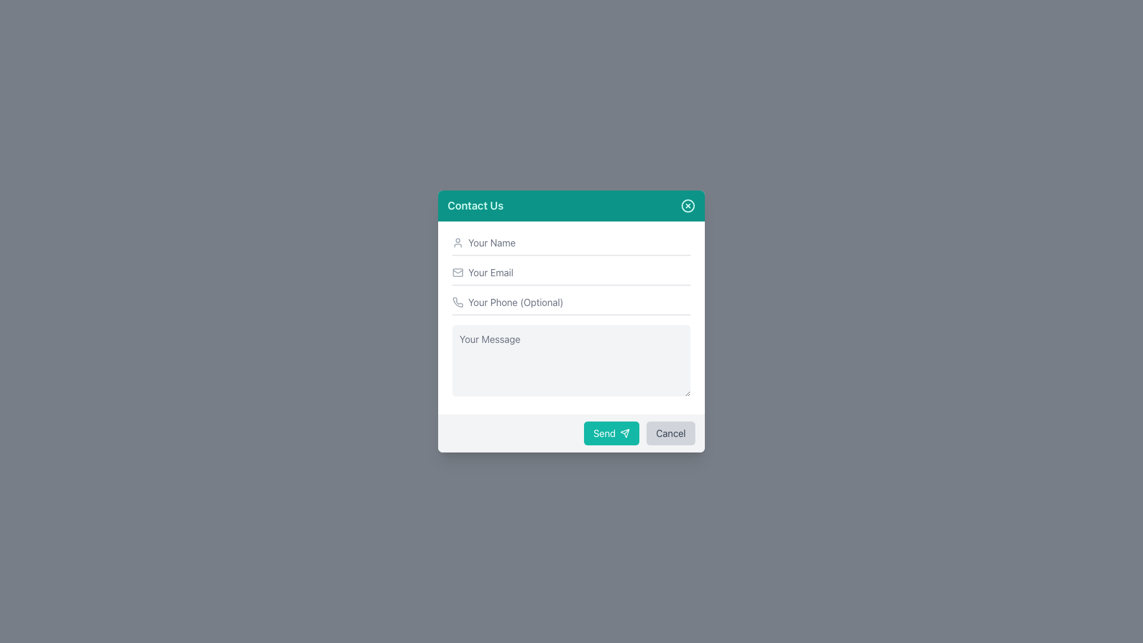  I want to click on the user icon resembling a profile image outline, styled in light gray, which is positioned to the left of the input field labeled 'Your Name', so click(457, 242).